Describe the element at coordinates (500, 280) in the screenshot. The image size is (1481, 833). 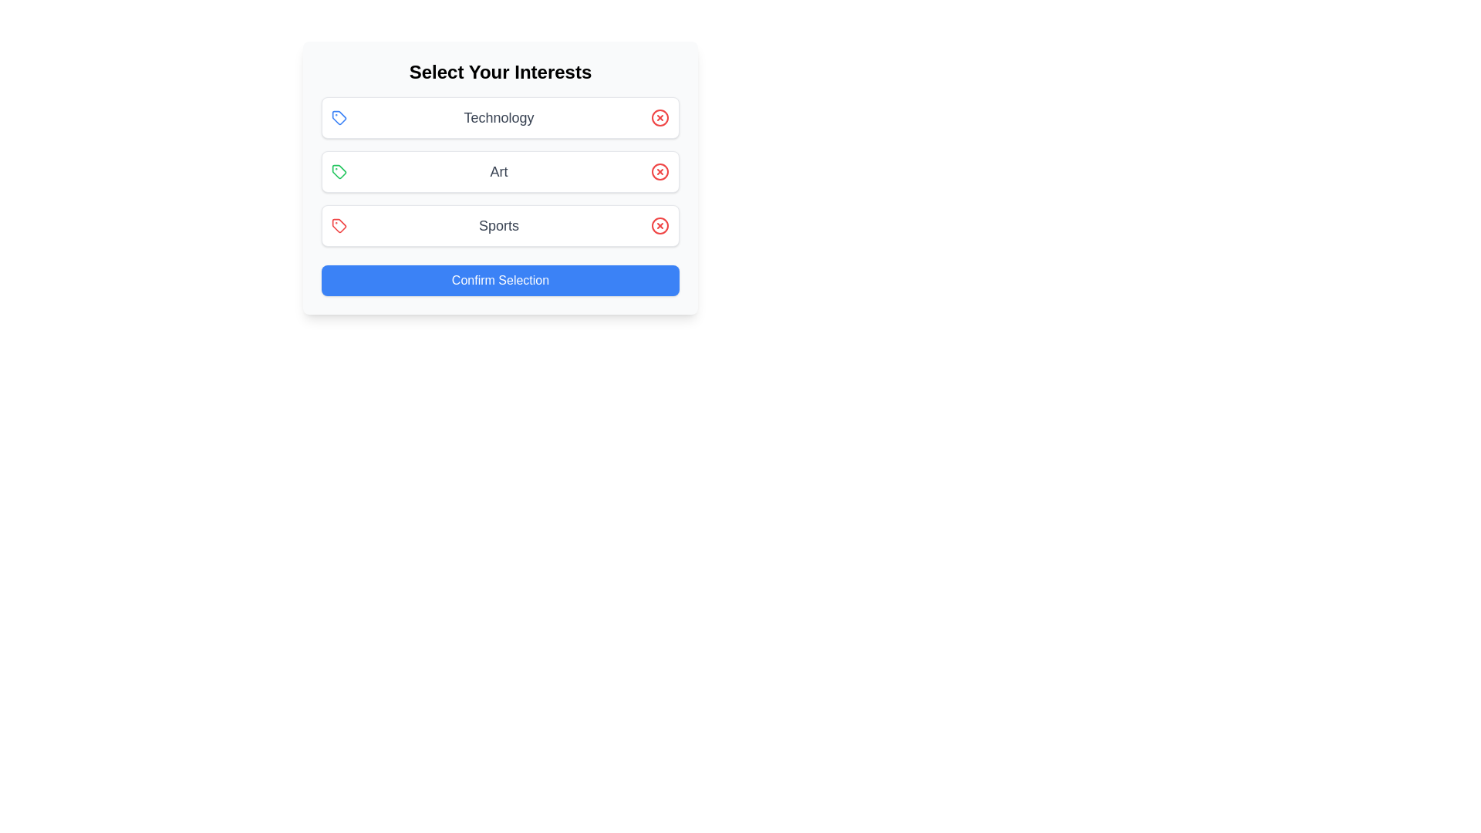
I see `the Confirm Selection Button to observe its hover effect` at that location.